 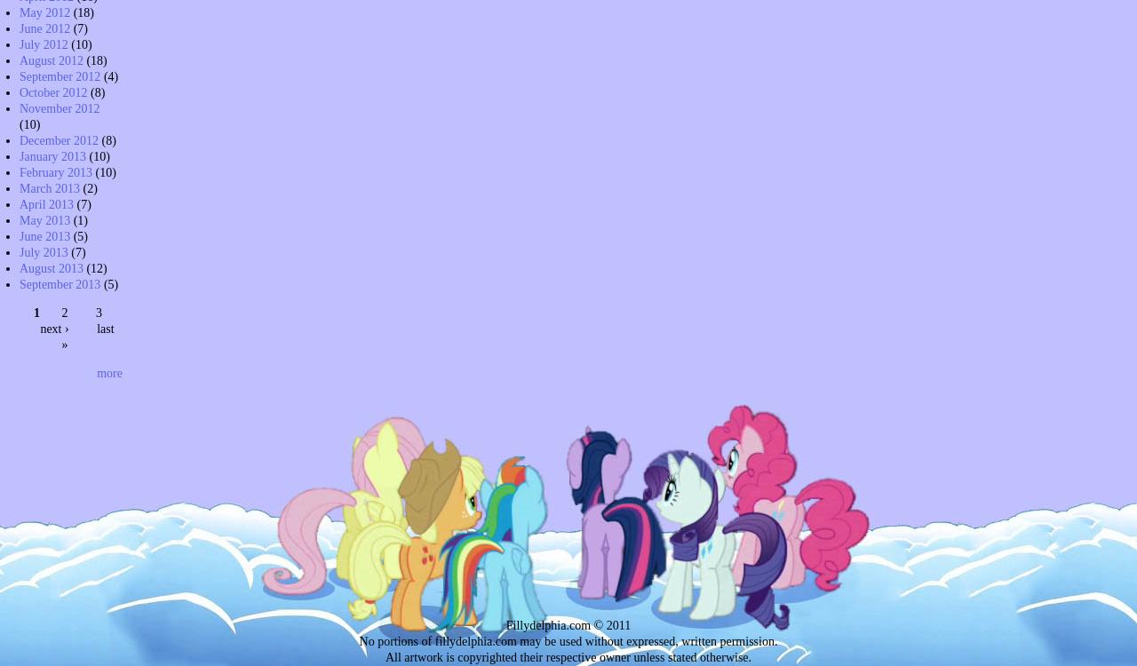 What do you see at coordinates (49, 186) in the screenshot?
I see `'March 2013'` at bounding box center [49, 186].